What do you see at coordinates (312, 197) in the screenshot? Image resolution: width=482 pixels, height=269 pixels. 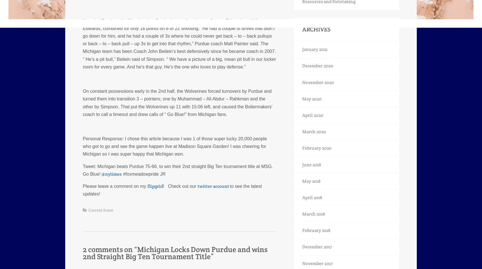 I see `'April 2018'` at bounding box center [312, 197].